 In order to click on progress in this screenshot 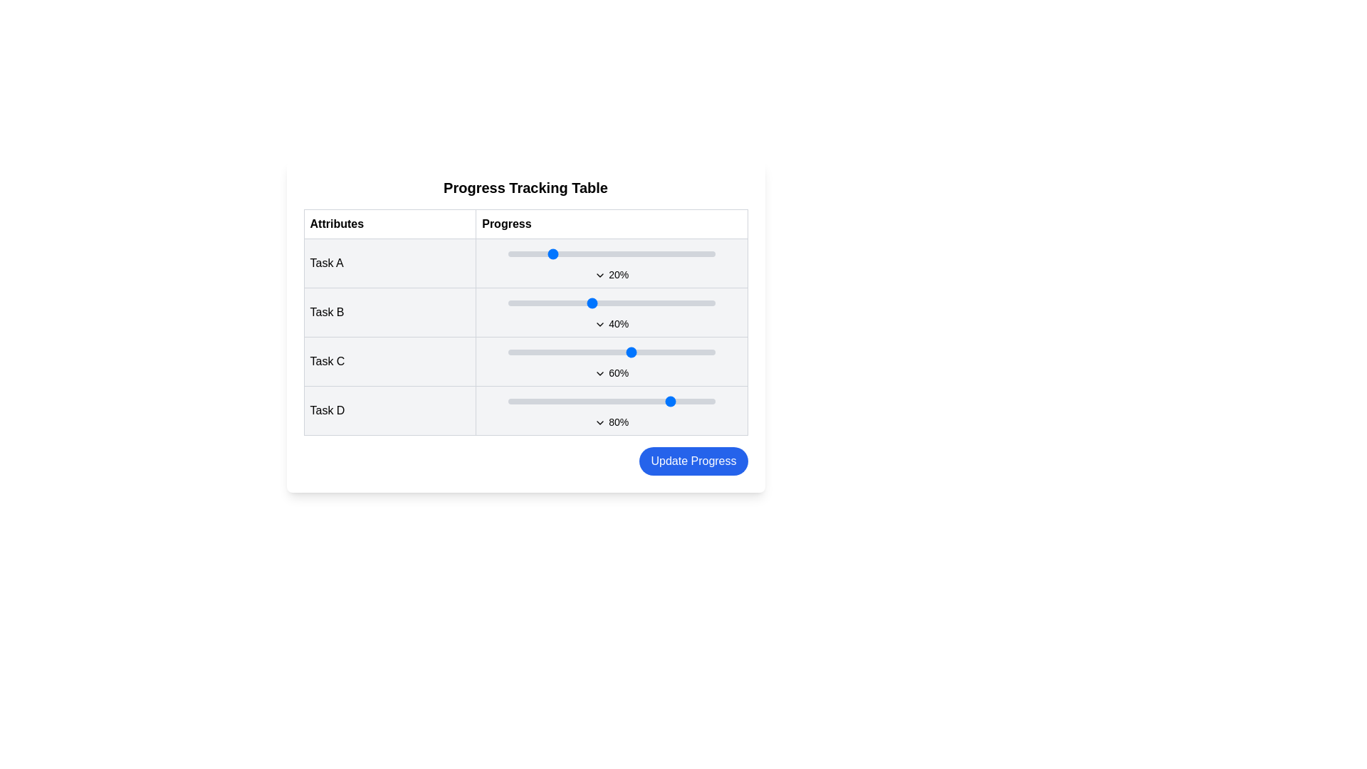, I will do `click(656, 302)`.